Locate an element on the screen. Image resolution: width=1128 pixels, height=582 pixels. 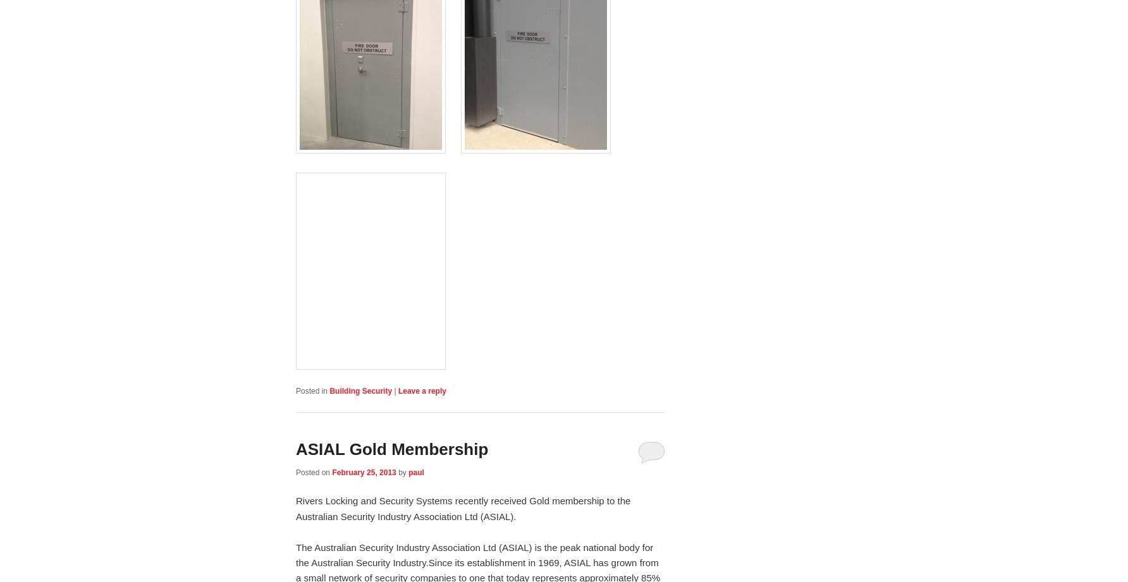
'paul' is located at coordinates (415, 473).